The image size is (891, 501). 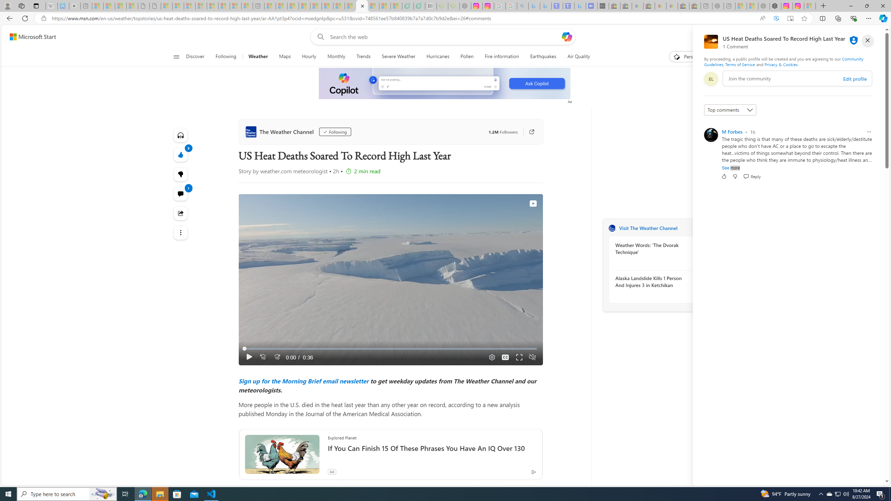 What do you see at coordinates (533, 471) in the screenshot?
I see `'Ad Choice'` at bounding box center [533, 471].